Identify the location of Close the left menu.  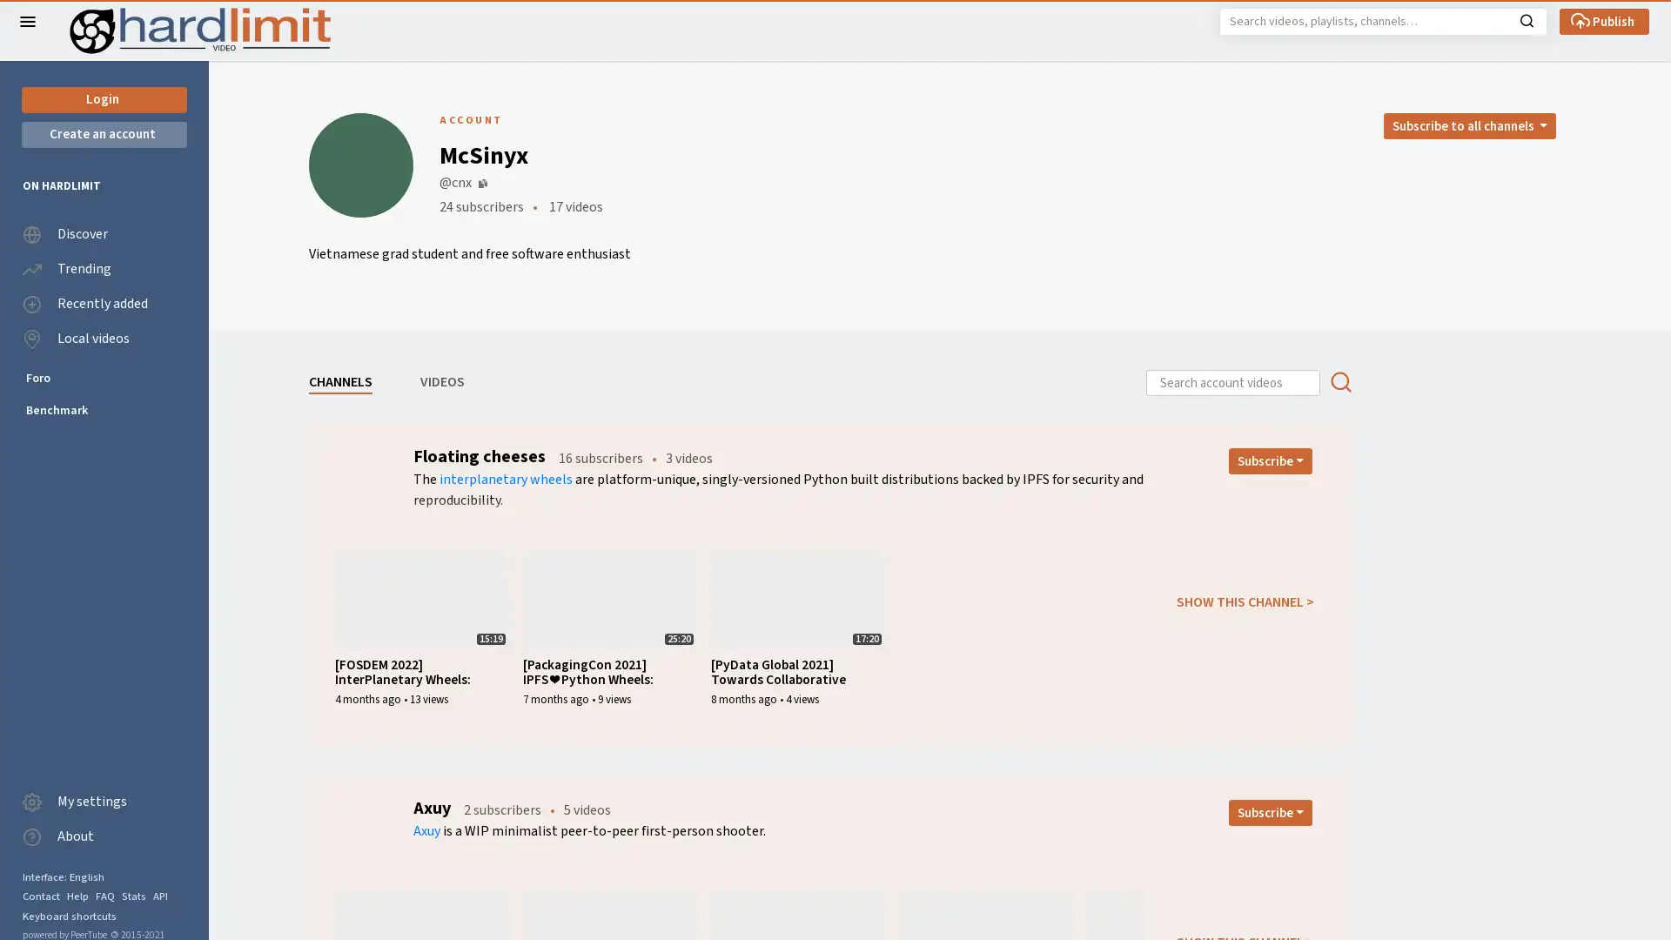
(28, 21).